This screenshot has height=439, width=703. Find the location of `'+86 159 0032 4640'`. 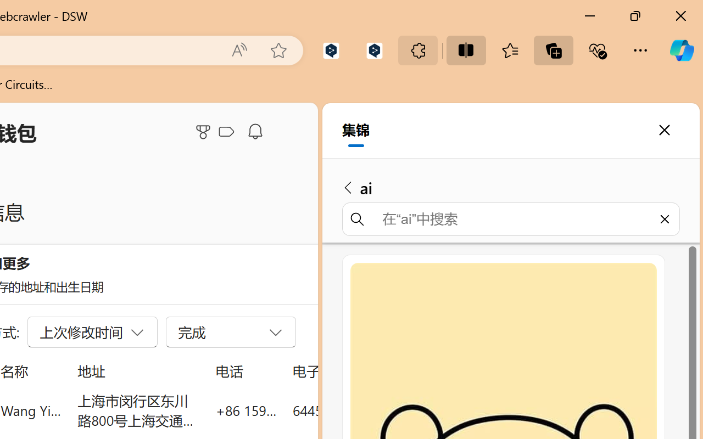

'+86 159 0032 4640' is located at coordinates (246, 410).